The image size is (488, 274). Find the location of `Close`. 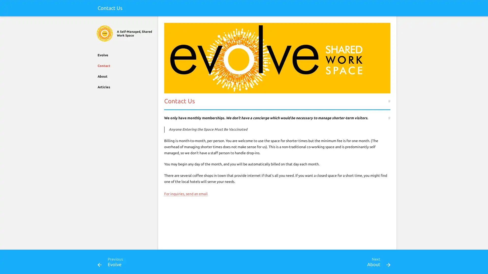

Close is located at coordinates (100, 22).